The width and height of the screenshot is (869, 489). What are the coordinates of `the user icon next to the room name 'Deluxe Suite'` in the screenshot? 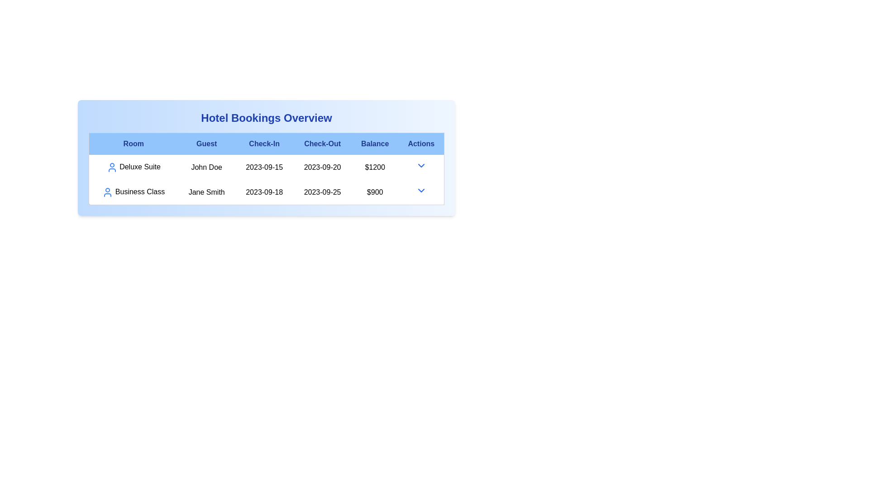 It's located at (111, 167).